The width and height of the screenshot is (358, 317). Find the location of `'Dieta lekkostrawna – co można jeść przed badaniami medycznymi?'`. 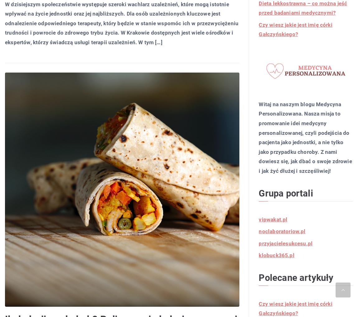

'Dieta lekkostrawna – co można jeść przed badaniami medycznymi?' is located at coordinates (303, 7).